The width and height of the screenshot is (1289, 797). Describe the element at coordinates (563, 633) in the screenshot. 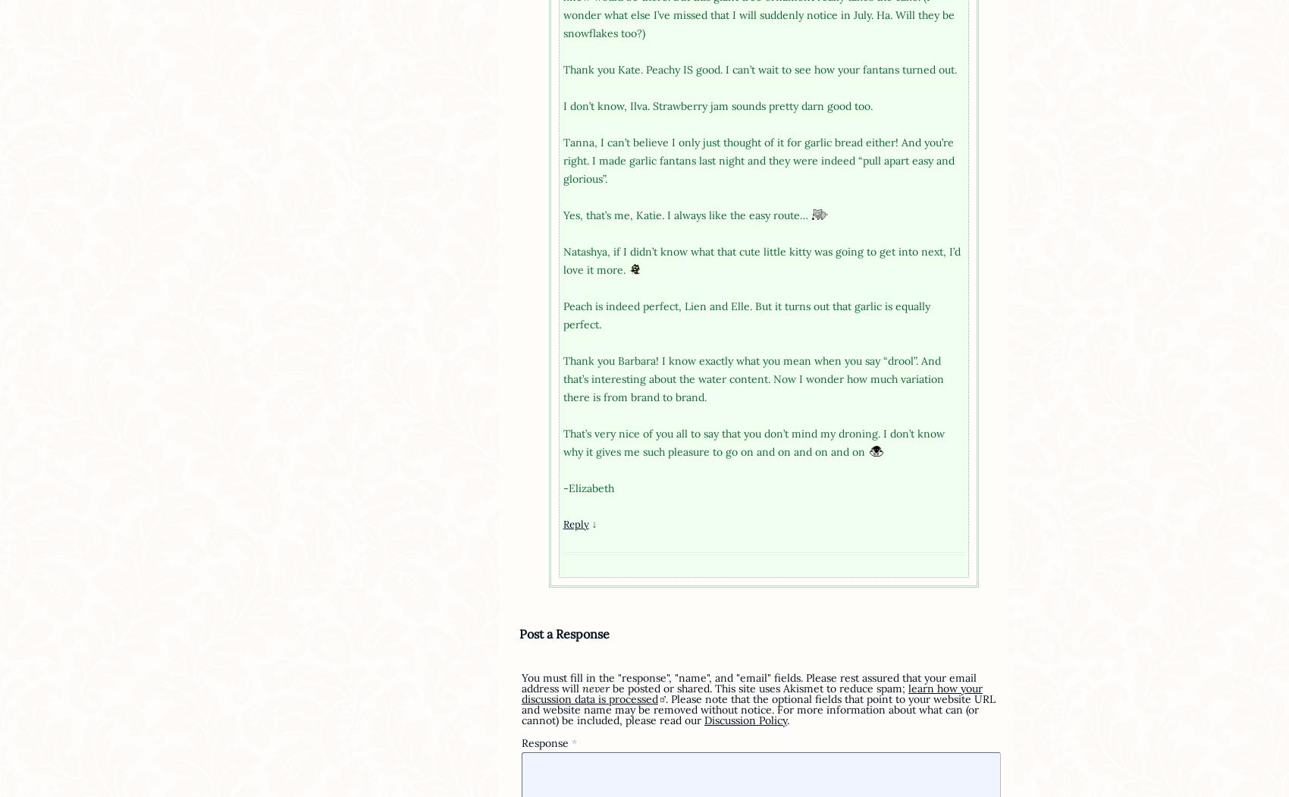

I see `'Post a Response'` at that location.